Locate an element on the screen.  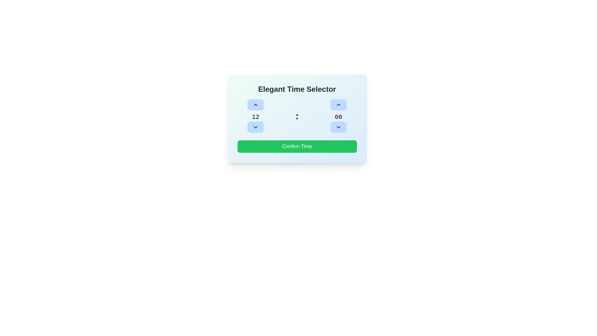
the displayed time by interacting with the Time Selector Component located centrally below the title 'Elegant Time Selector' is located at coordinates (297, 116).